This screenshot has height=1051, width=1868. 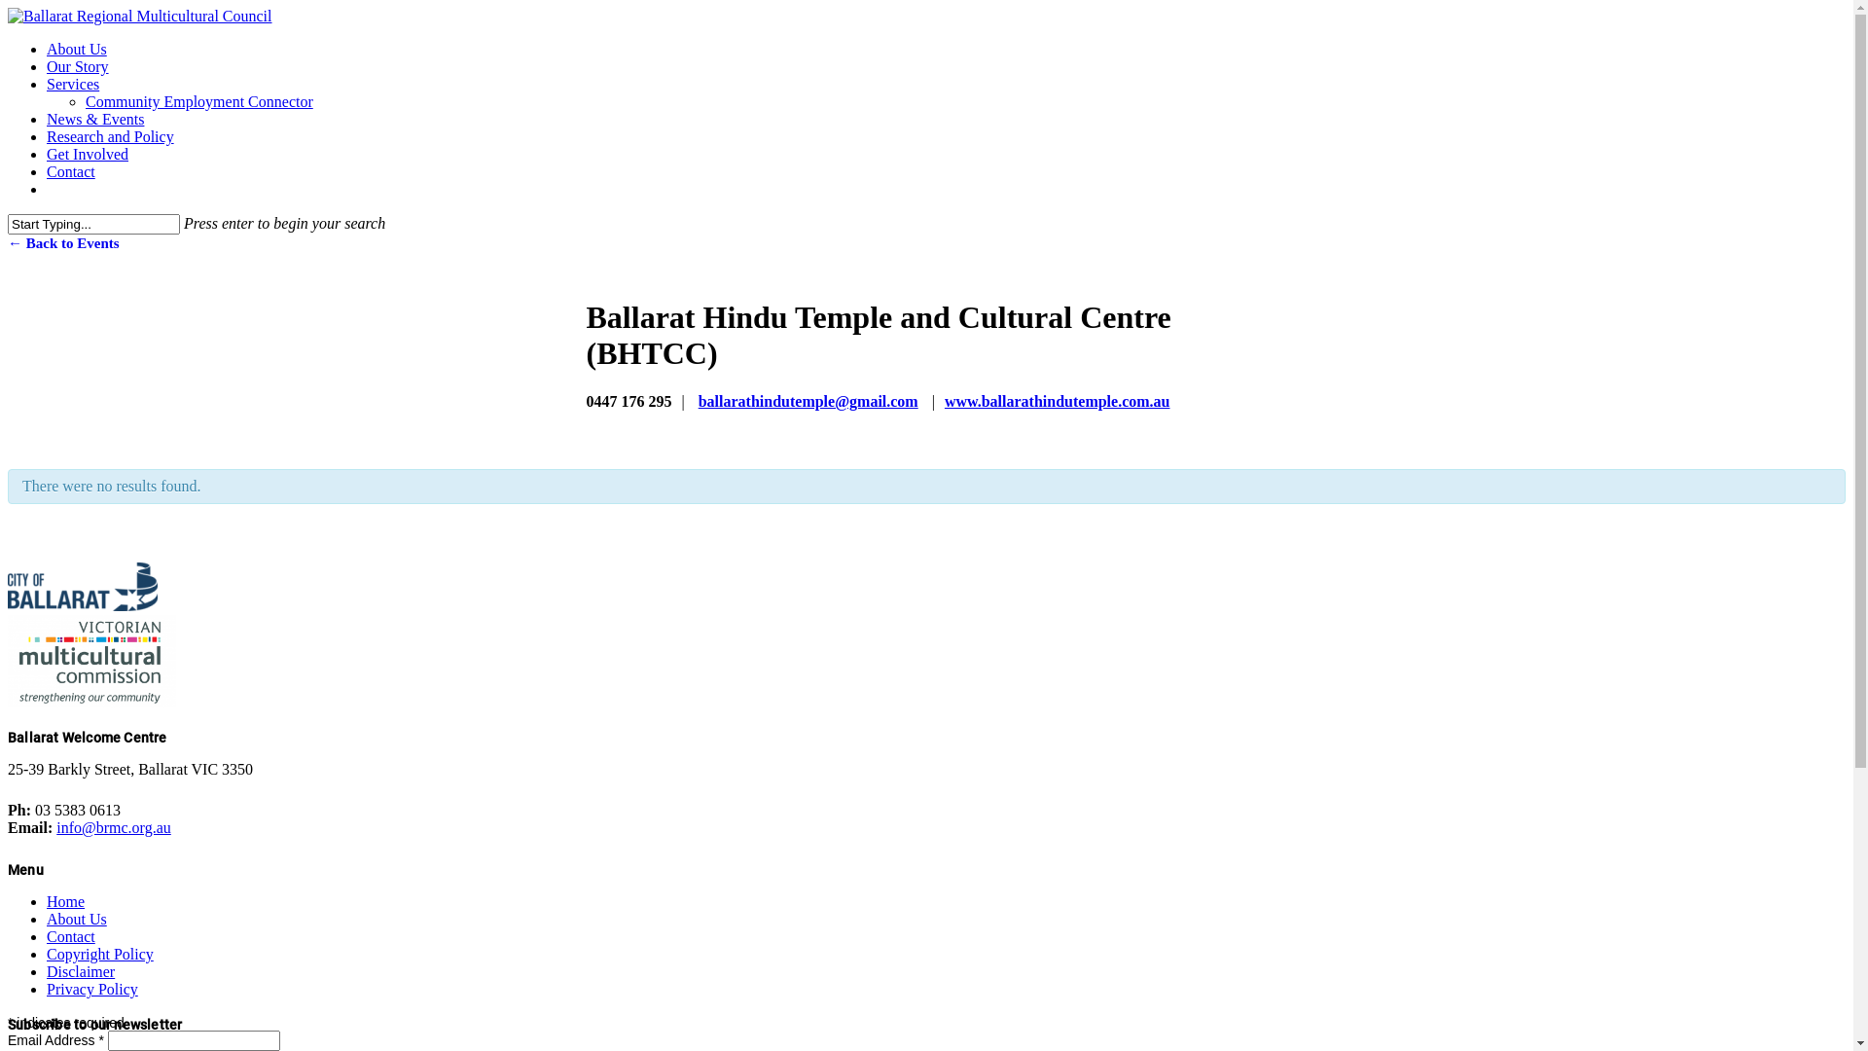 What do you see at coordinates (47, 971) in the screenshot?
I see `'Disclaimer'` at bounding box center [47, 971].